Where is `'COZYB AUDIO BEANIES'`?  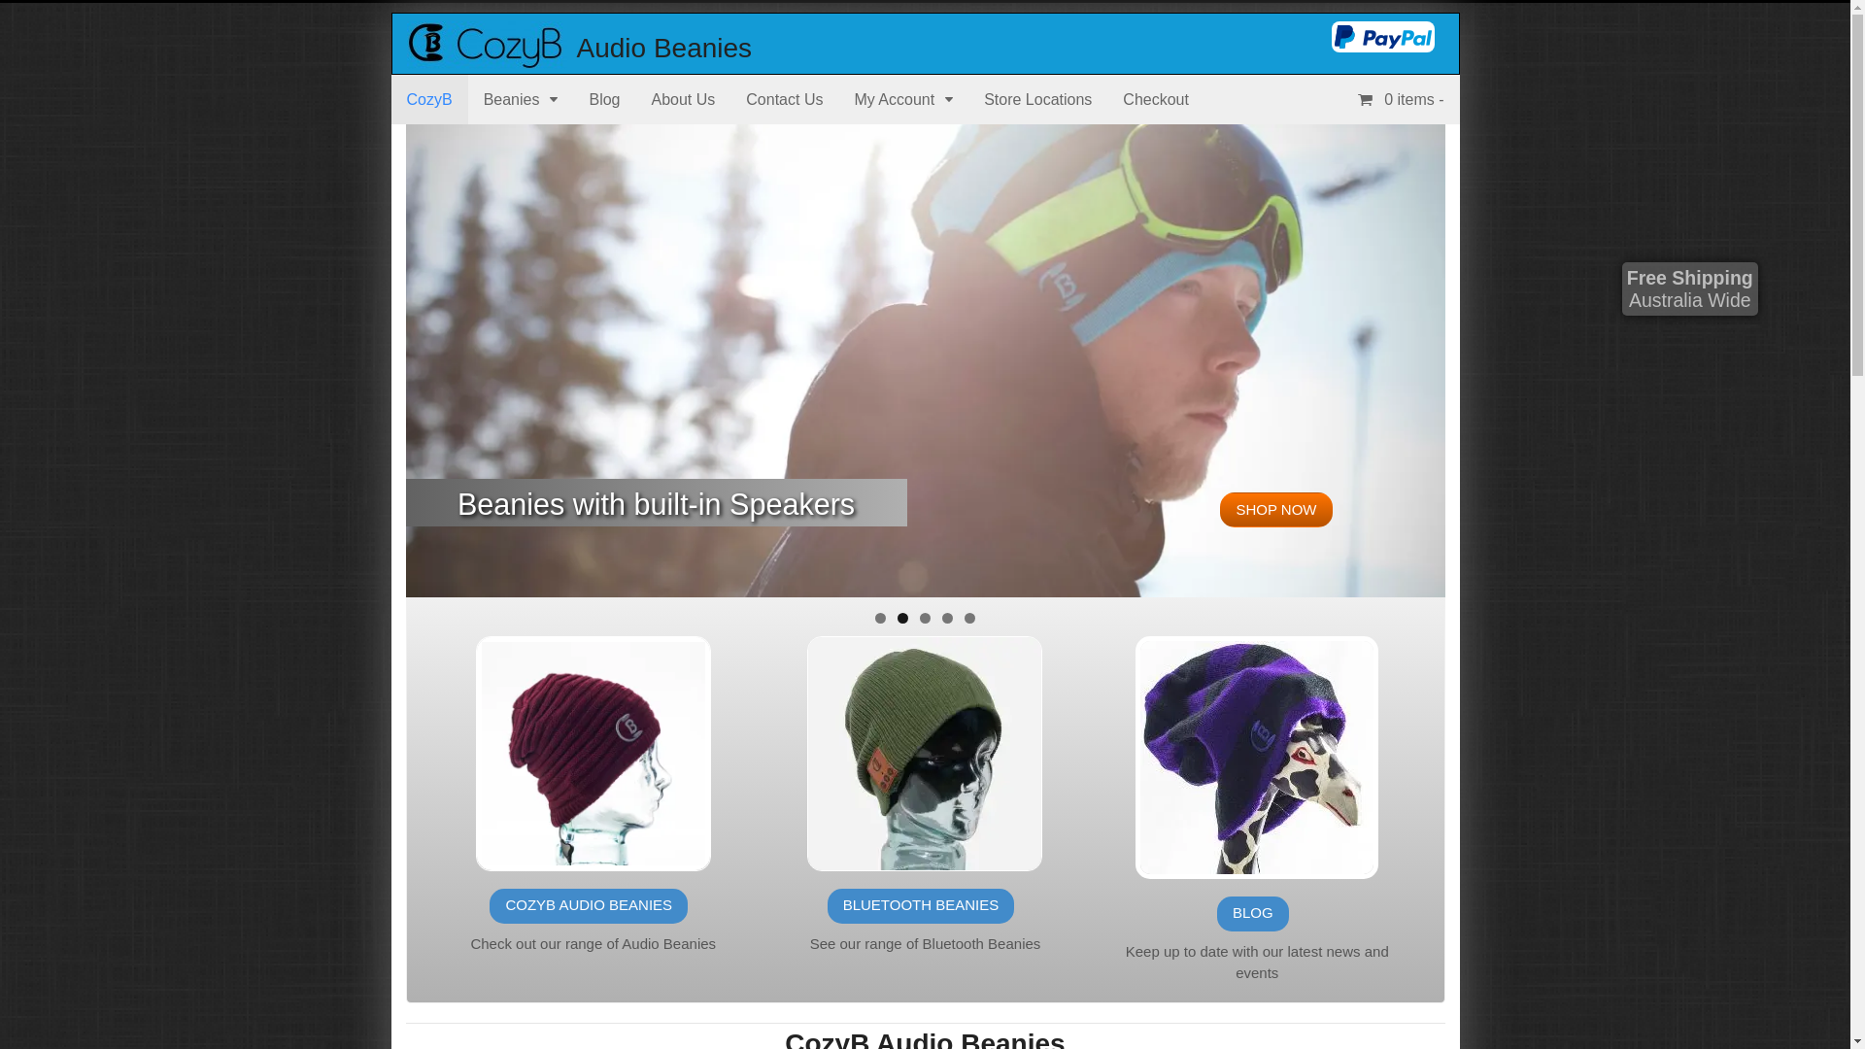
'COZYB AUDIO BEANIES' is located at coordinates (587, 906).